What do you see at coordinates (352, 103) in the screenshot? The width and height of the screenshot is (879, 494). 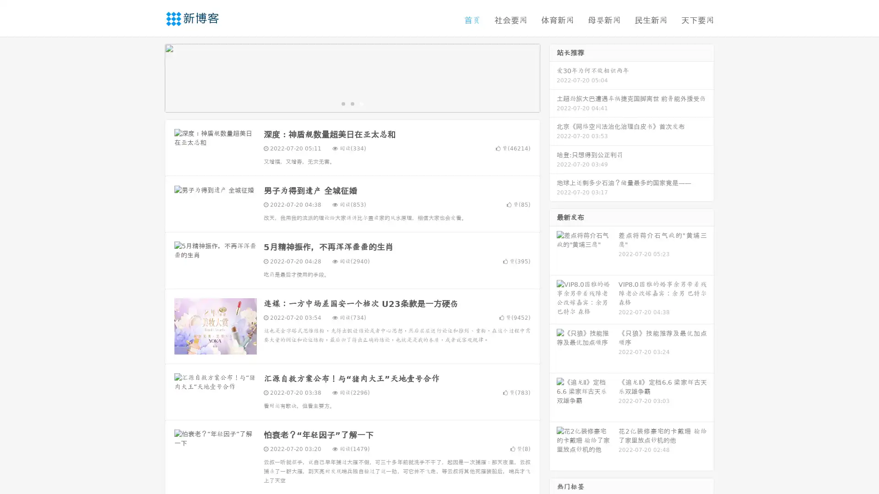 I see `Go to slide 2` at bounding box center [352, 103].